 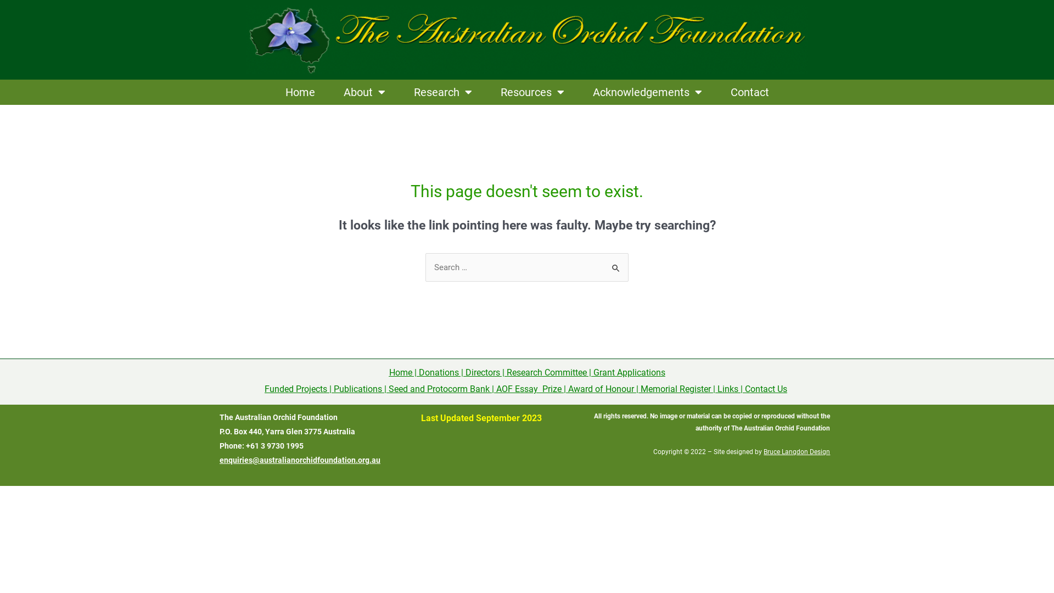 I want to click on 'Grant Applications', so click(x=629, y=372).